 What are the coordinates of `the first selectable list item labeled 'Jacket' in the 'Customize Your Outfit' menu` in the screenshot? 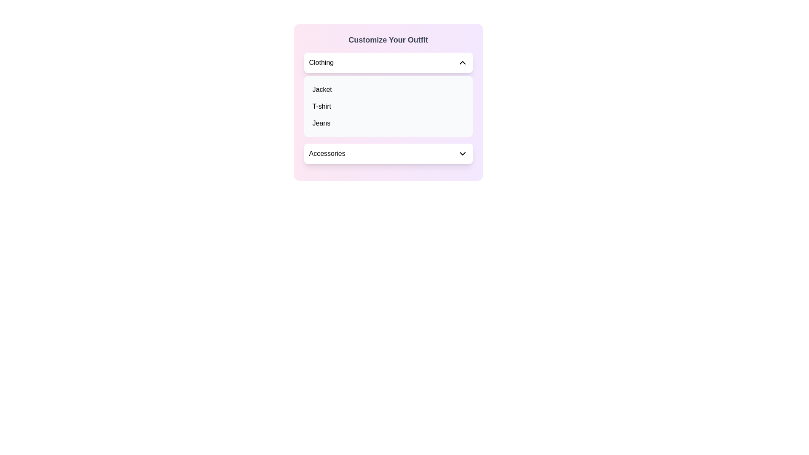 It's located at (388, 89).